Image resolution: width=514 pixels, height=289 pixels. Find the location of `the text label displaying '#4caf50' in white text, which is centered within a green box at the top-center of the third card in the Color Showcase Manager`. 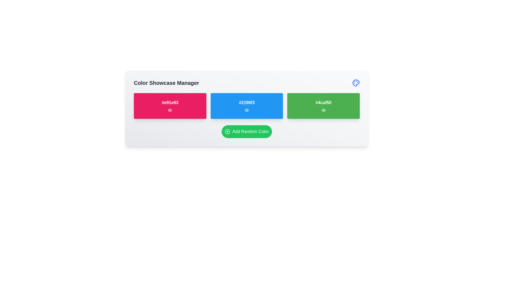

the text label displaying '#4caf50' in white text, which is centered within a green box at the top-center of the third card in the Color Showcase Manager is located at coordinates (323, 103).